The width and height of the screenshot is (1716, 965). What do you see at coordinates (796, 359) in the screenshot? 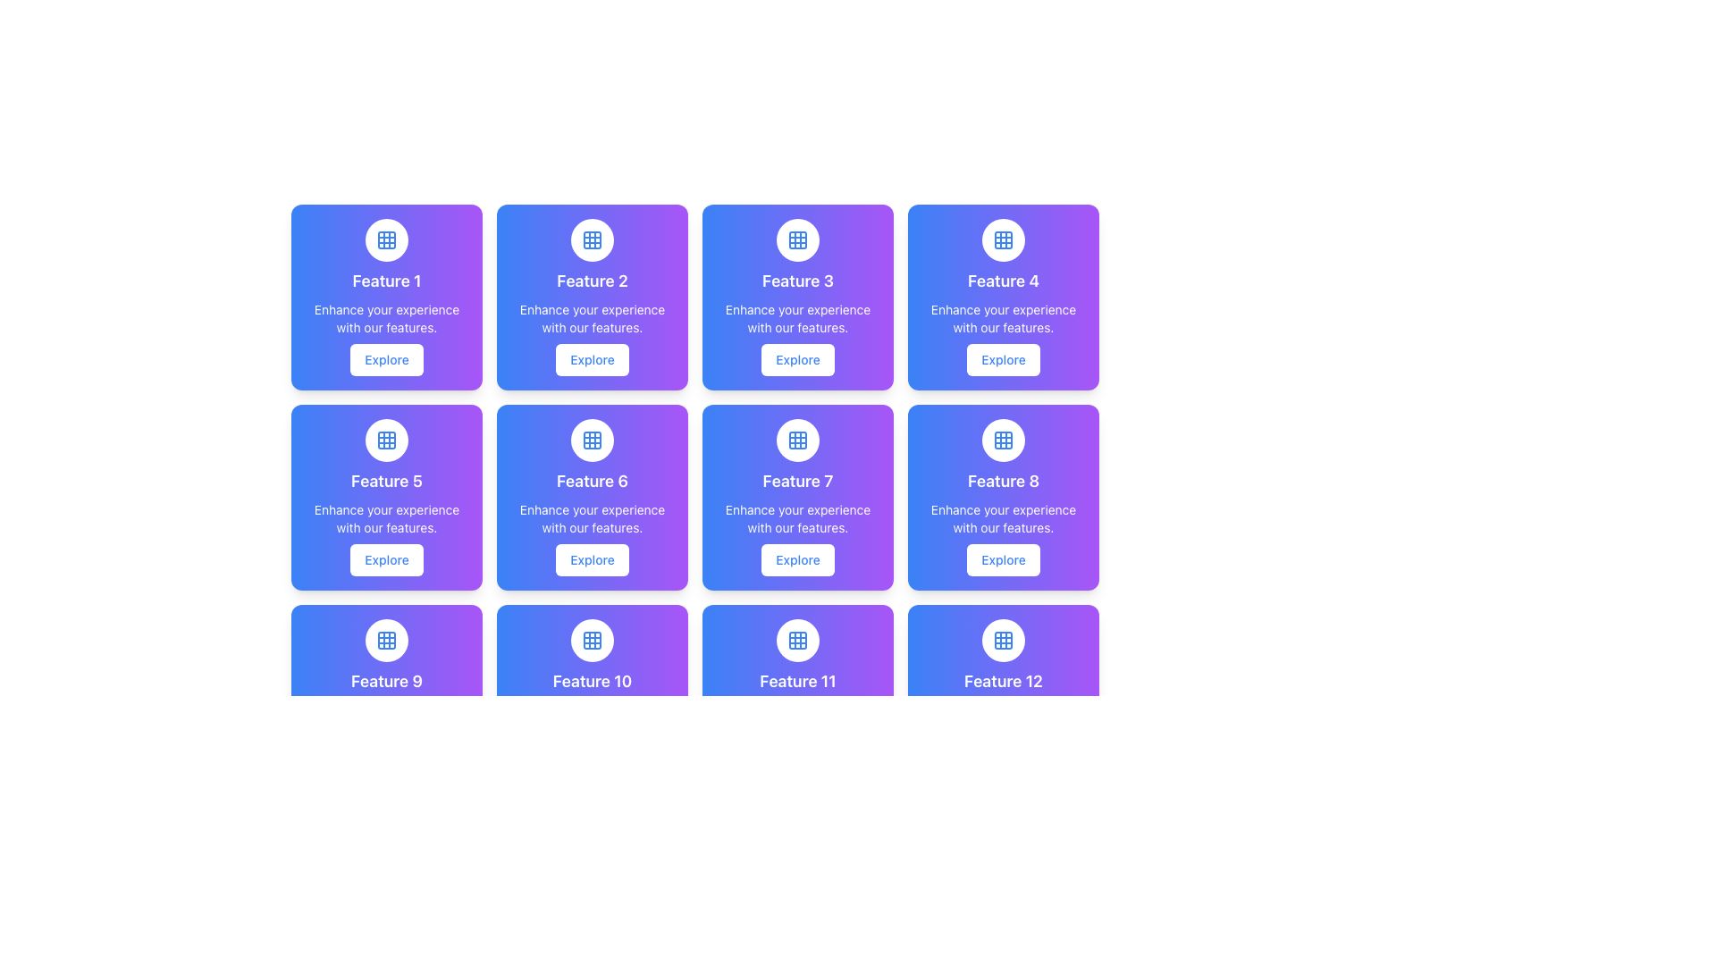
I see `the button located in the card labeled 'Feature 3' beneath the text 'Enhance your experience with our features'` at bounding box center [796, 359].